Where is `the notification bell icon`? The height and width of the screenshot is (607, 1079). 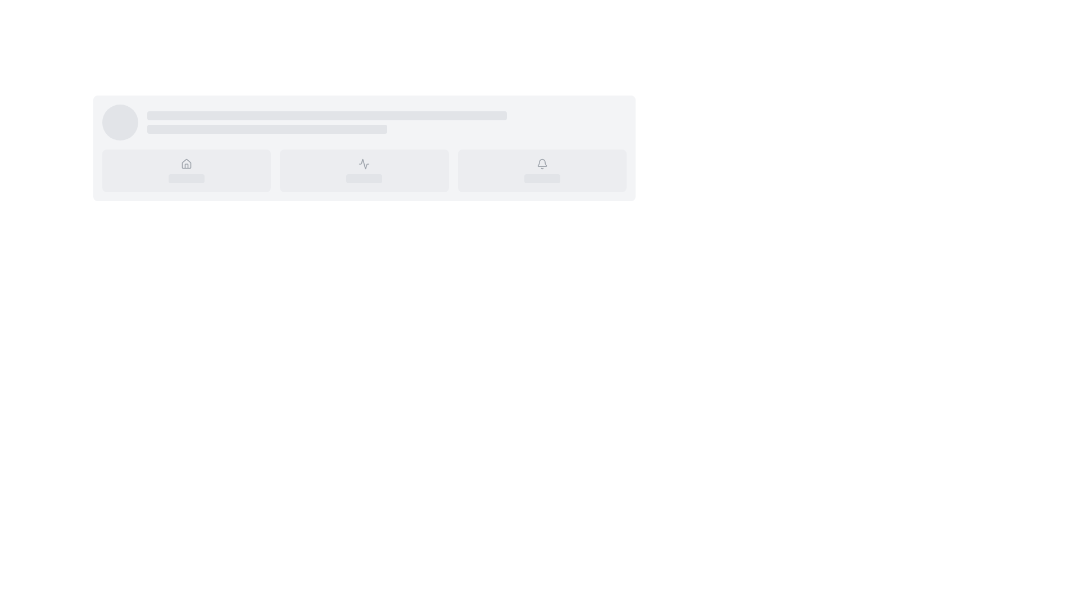 the notification bell icon is located at coordinates (542, 162).